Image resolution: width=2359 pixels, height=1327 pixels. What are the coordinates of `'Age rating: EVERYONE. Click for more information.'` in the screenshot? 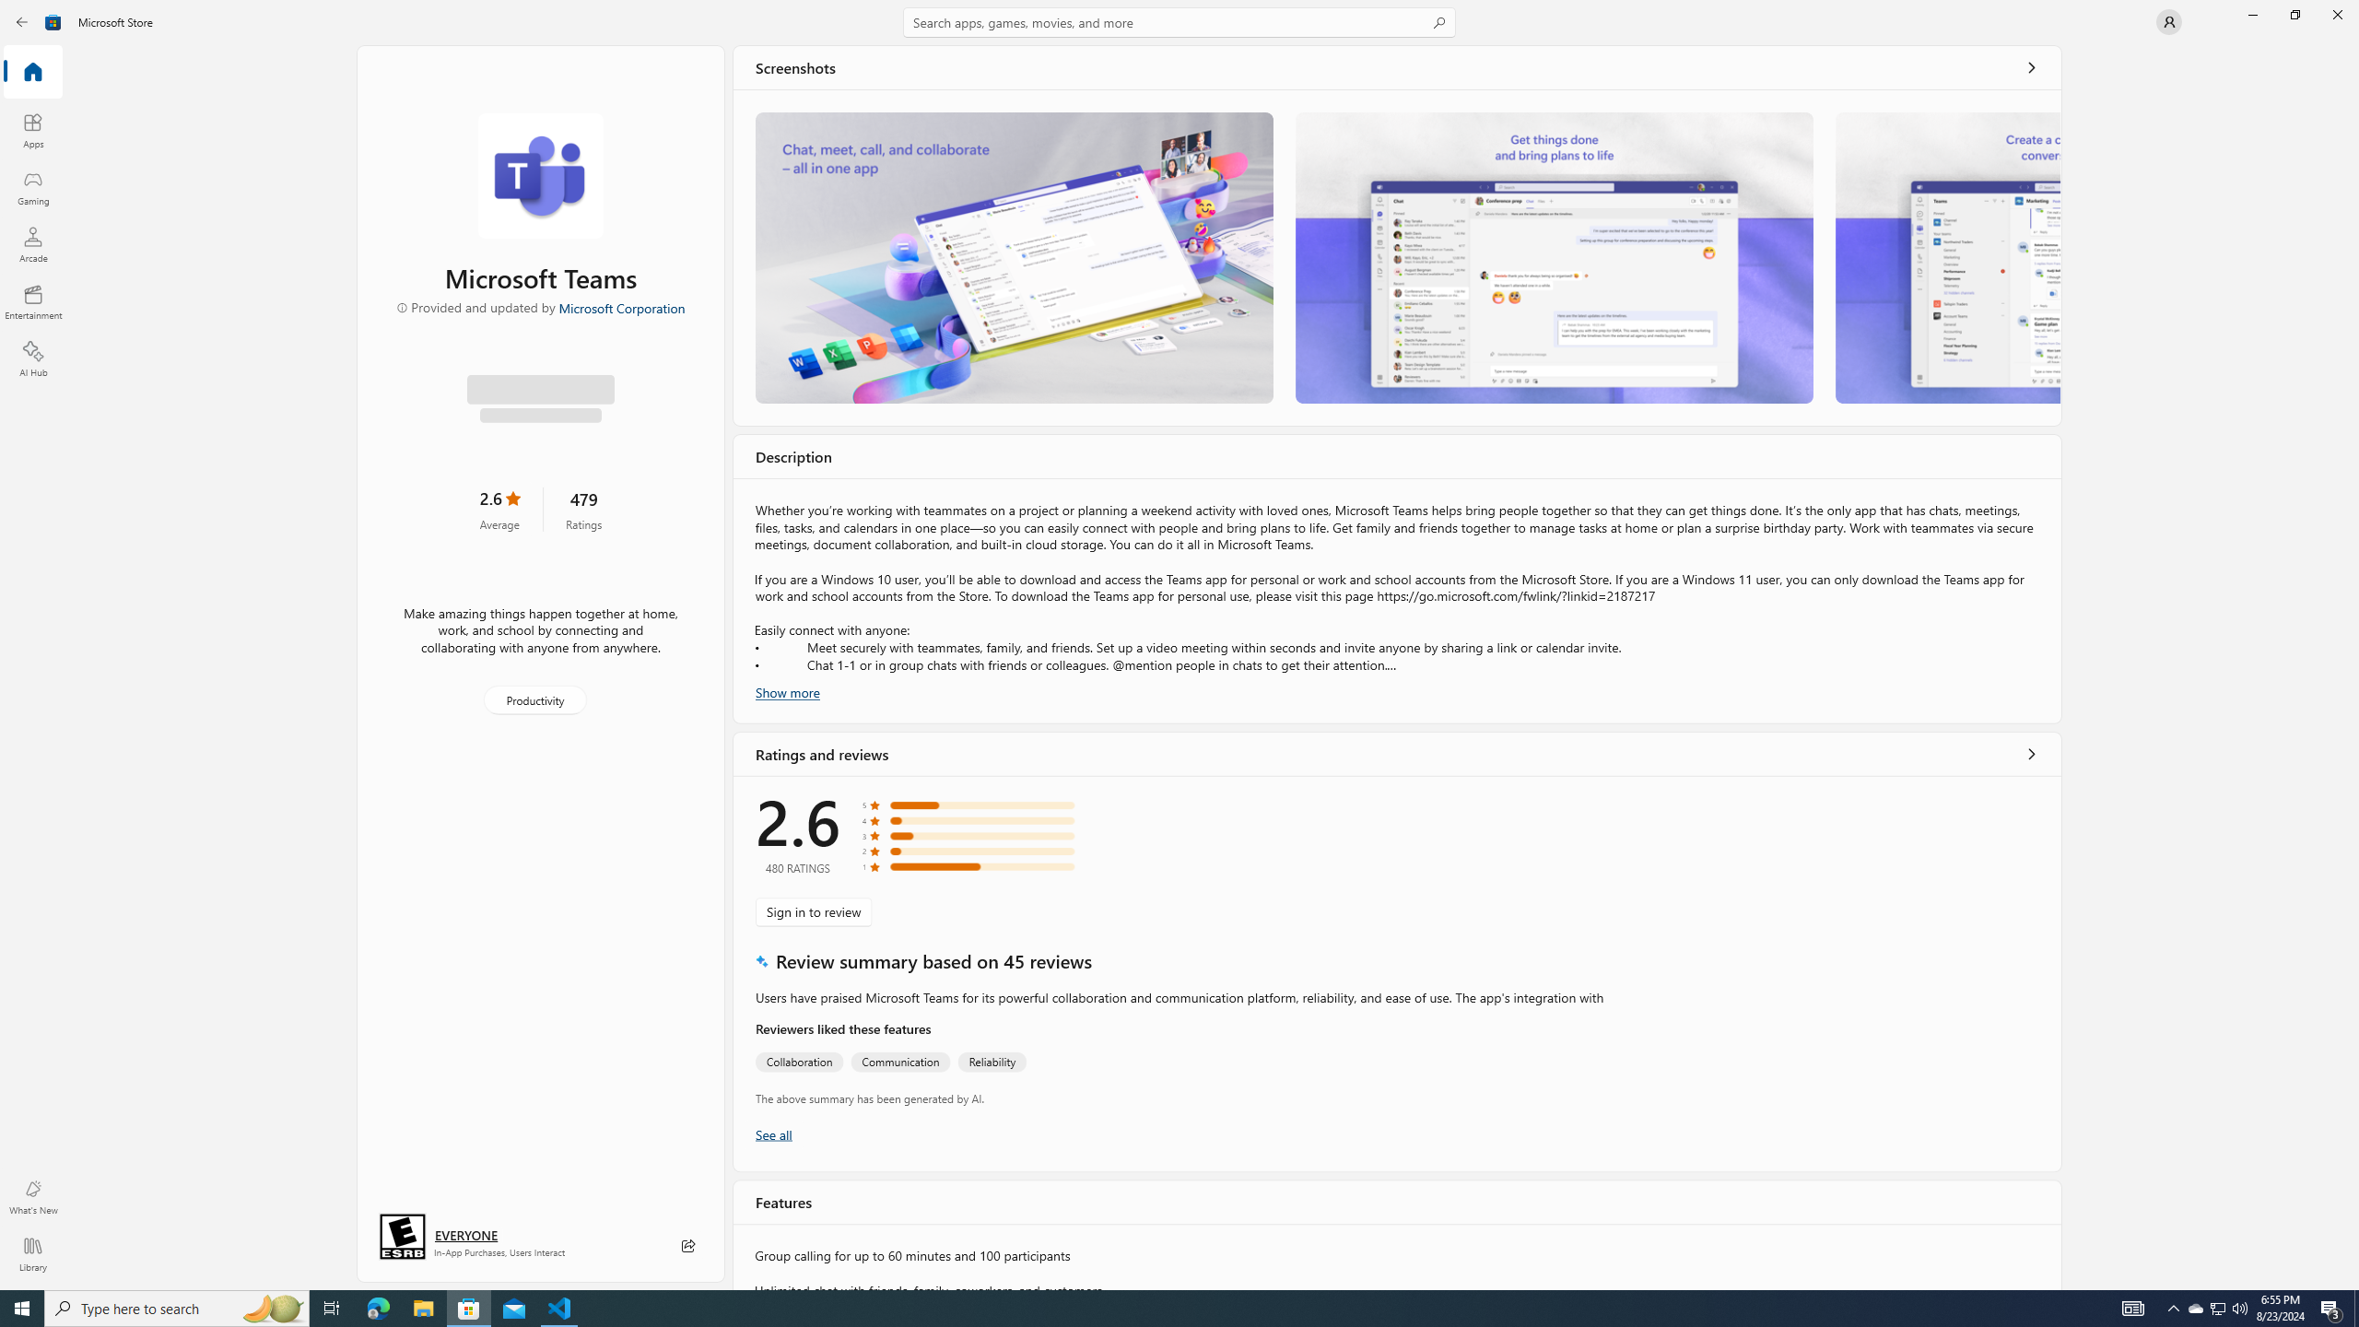 It's located at (465, 1235).